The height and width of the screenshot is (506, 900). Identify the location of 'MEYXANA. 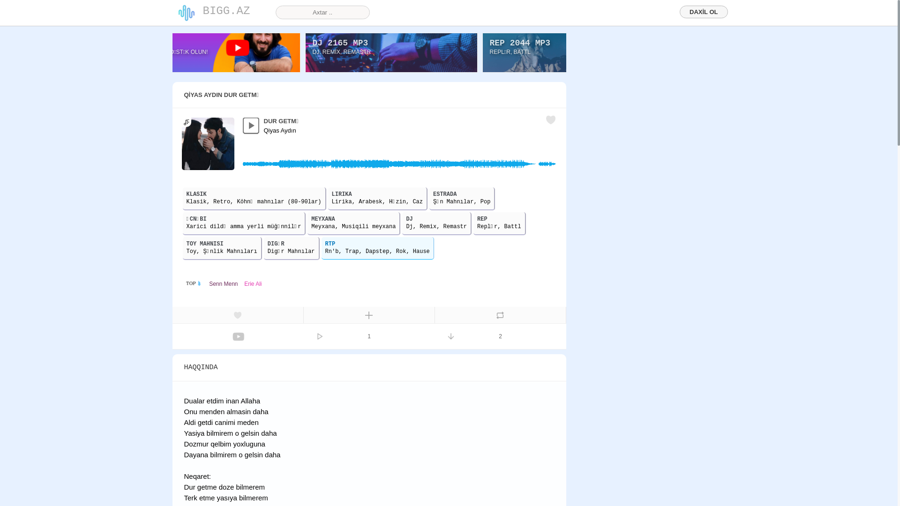
(353, 223).